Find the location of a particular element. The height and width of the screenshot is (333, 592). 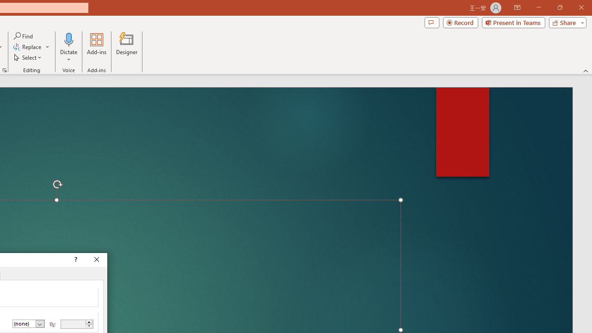

'By' is located at coordinates (77, 324).